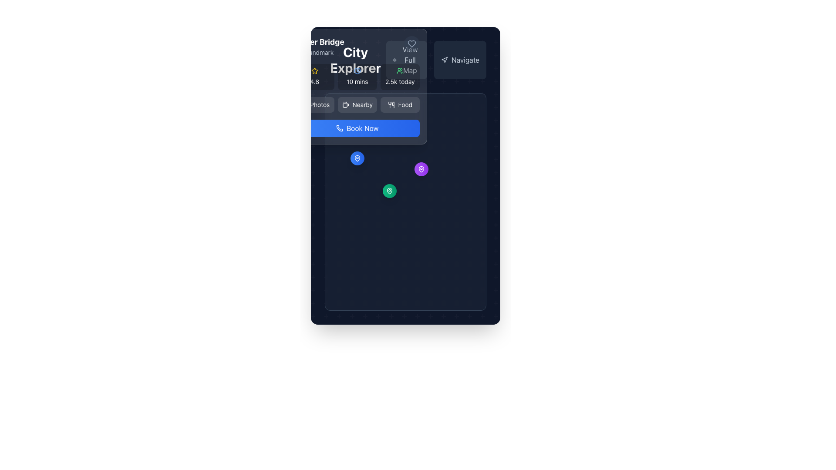 The height and width of the screenshot is (470, 836). Describe the element at coordinates (339, 128) in the screenshot. I see `the phone receiver SVG icon located within the blue 'Book Now' button, positioned on the left side of the button` at that location.